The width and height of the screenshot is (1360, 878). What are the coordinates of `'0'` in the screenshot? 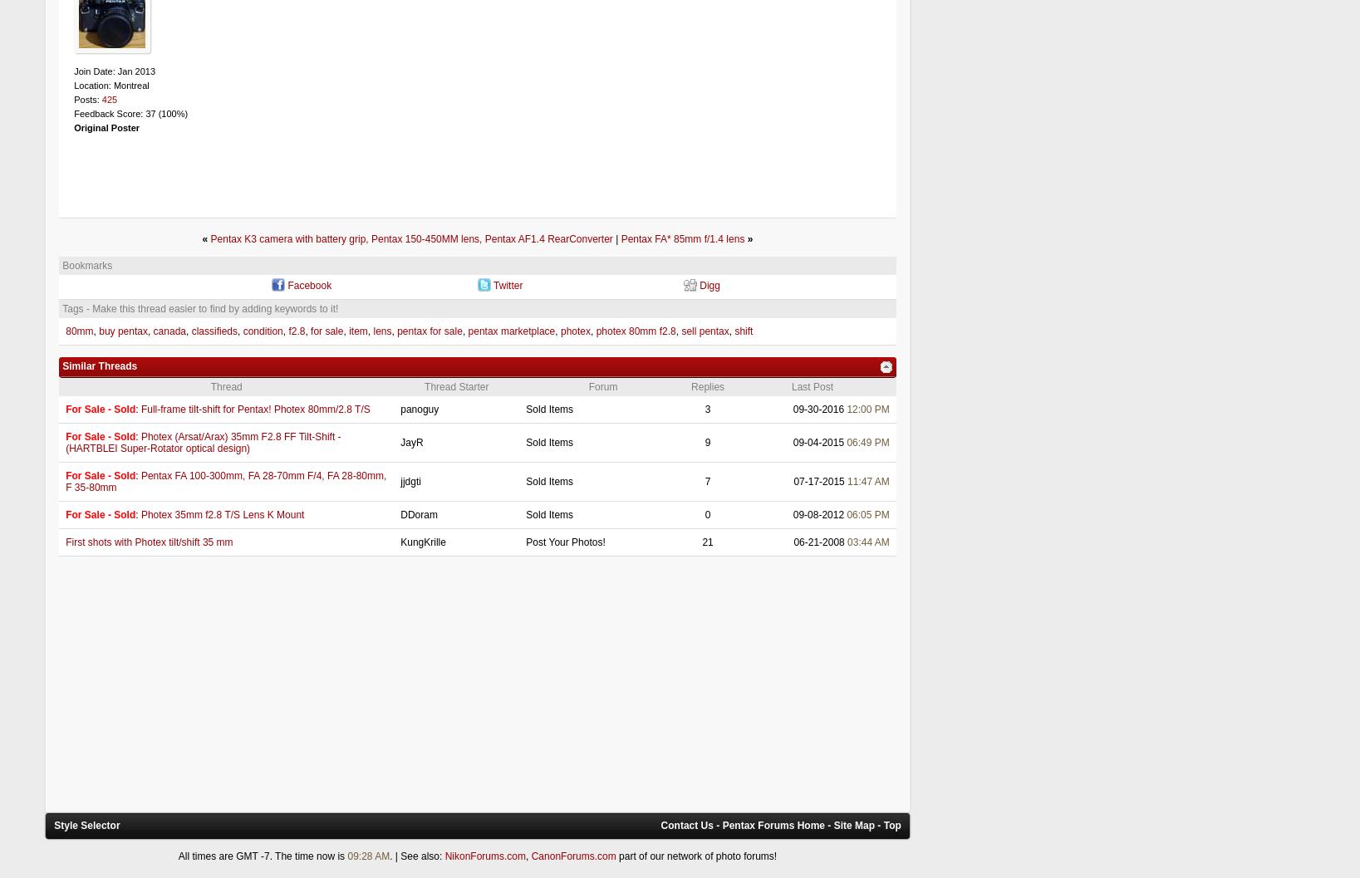 It's located at (704, 513).